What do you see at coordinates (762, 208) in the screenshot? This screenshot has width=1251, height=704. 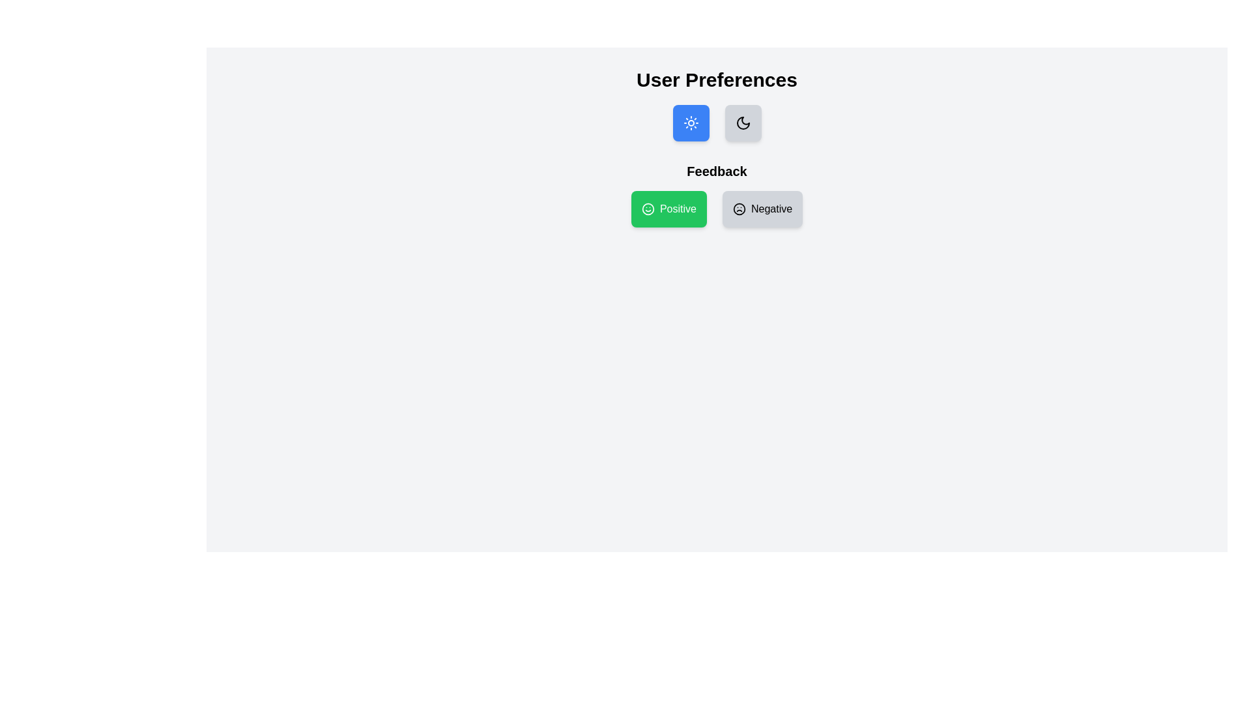 I see `the 'Negative' button, which is a rectangular button with rounded corners, light gray background, frown face icon on the left, and black text 'Negative' on the right, located to the right of the 'Positive' button under the 'Feedback' heading` at bounding box center [762, 208].